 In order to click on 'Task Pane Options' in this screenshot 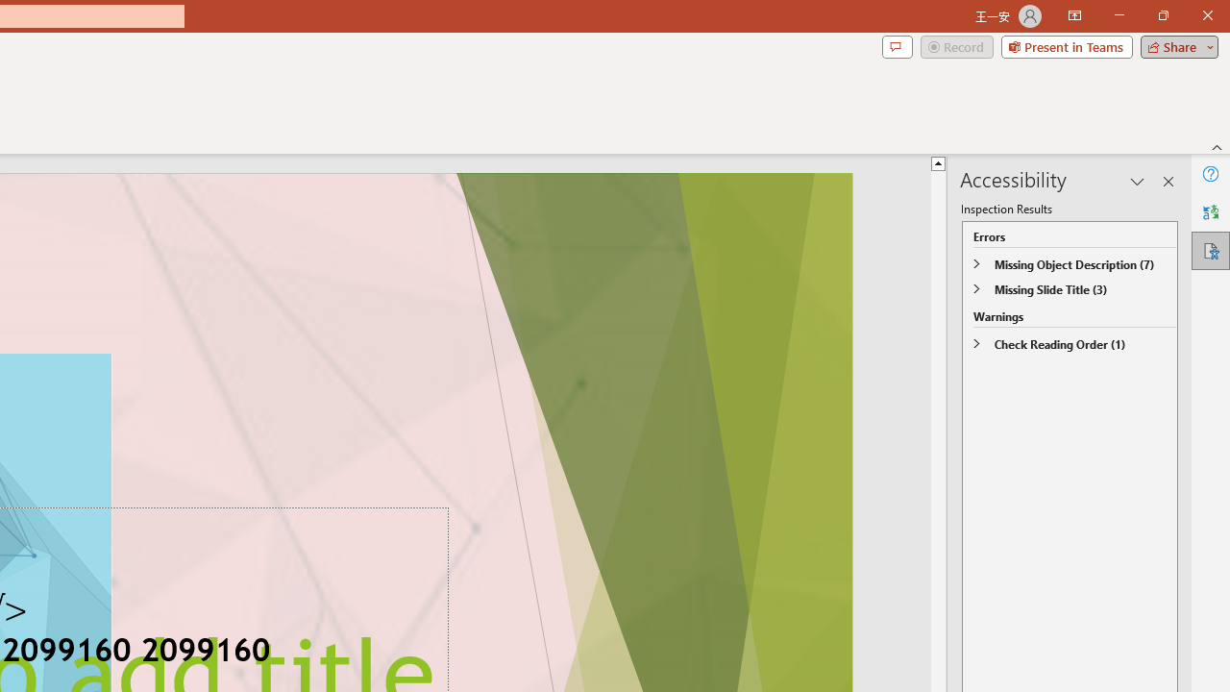, I will do `click(1138, 182)`.